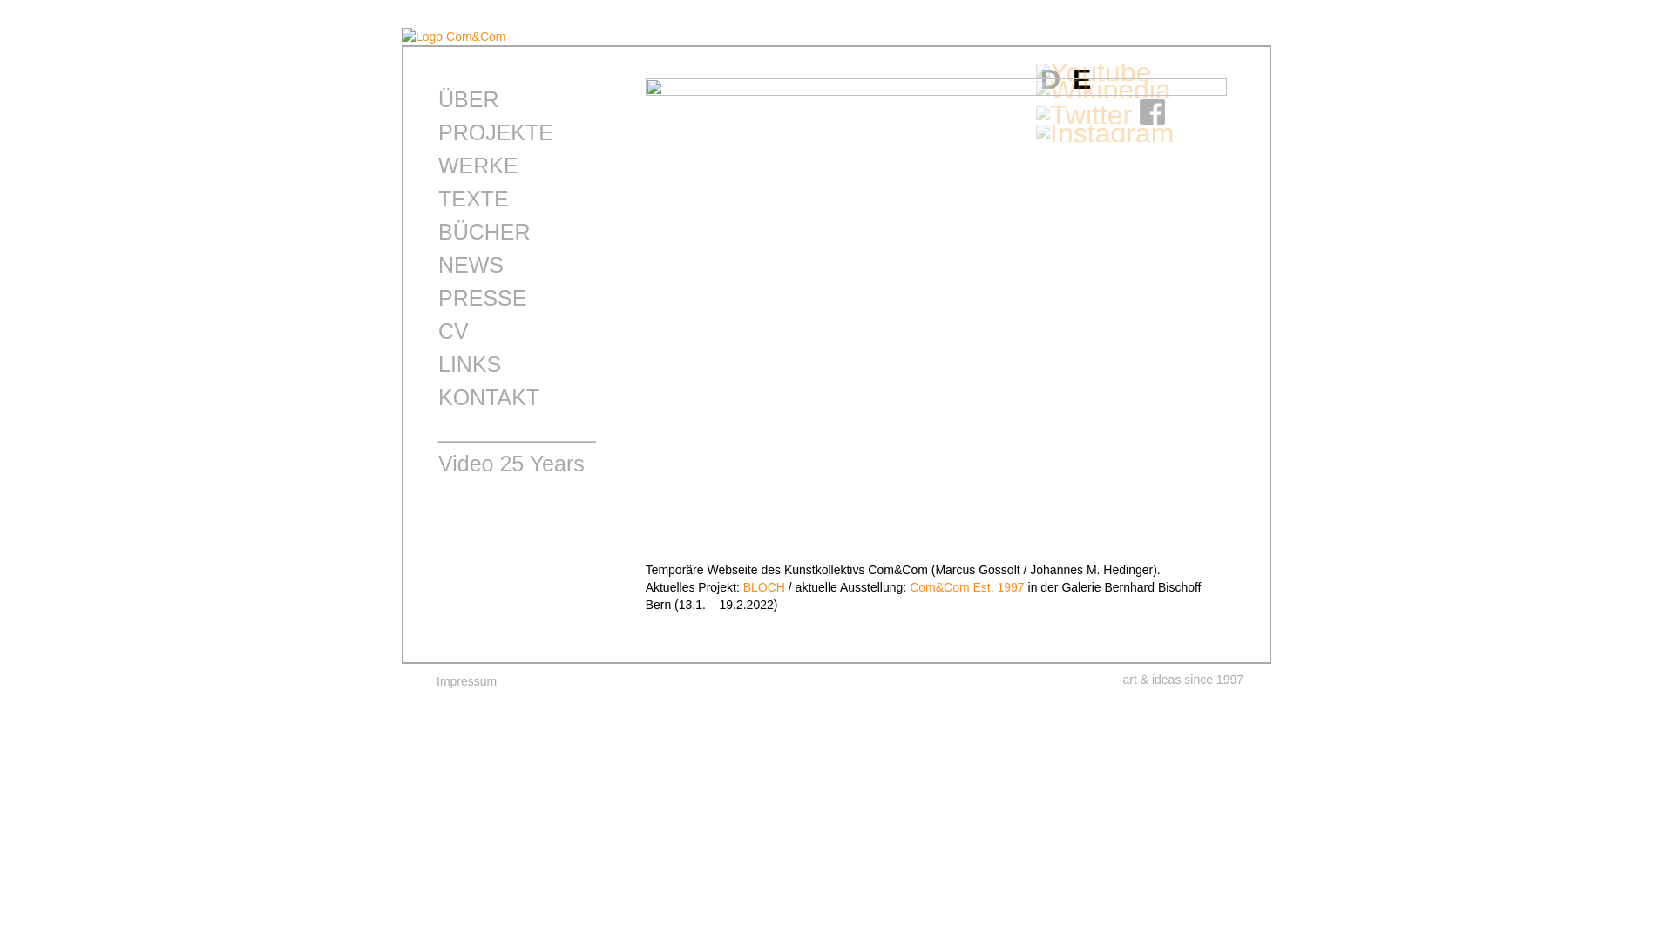  Describe the element at coordinates (438, 131) in the screenshot. I see `'PROJEKTE'` at that location.